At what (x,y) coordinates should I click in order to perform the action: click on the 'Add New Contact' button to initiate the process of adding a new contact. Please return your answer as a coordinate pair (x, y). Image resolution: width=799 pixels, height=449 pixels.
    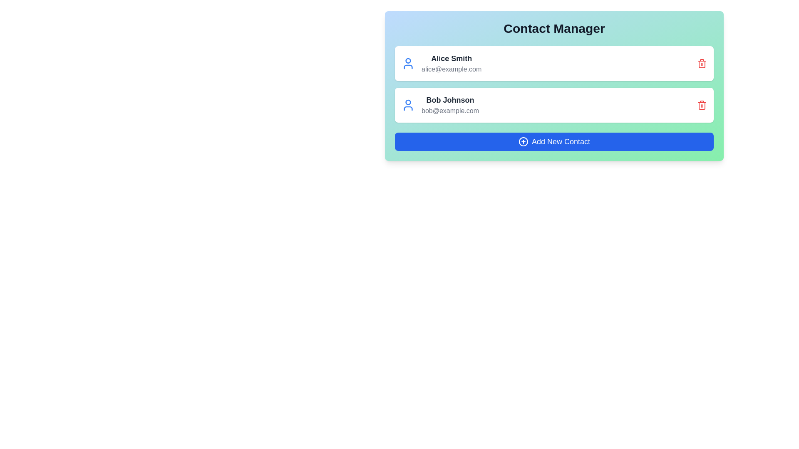
    Looking at the image, I should click on (554, 141).